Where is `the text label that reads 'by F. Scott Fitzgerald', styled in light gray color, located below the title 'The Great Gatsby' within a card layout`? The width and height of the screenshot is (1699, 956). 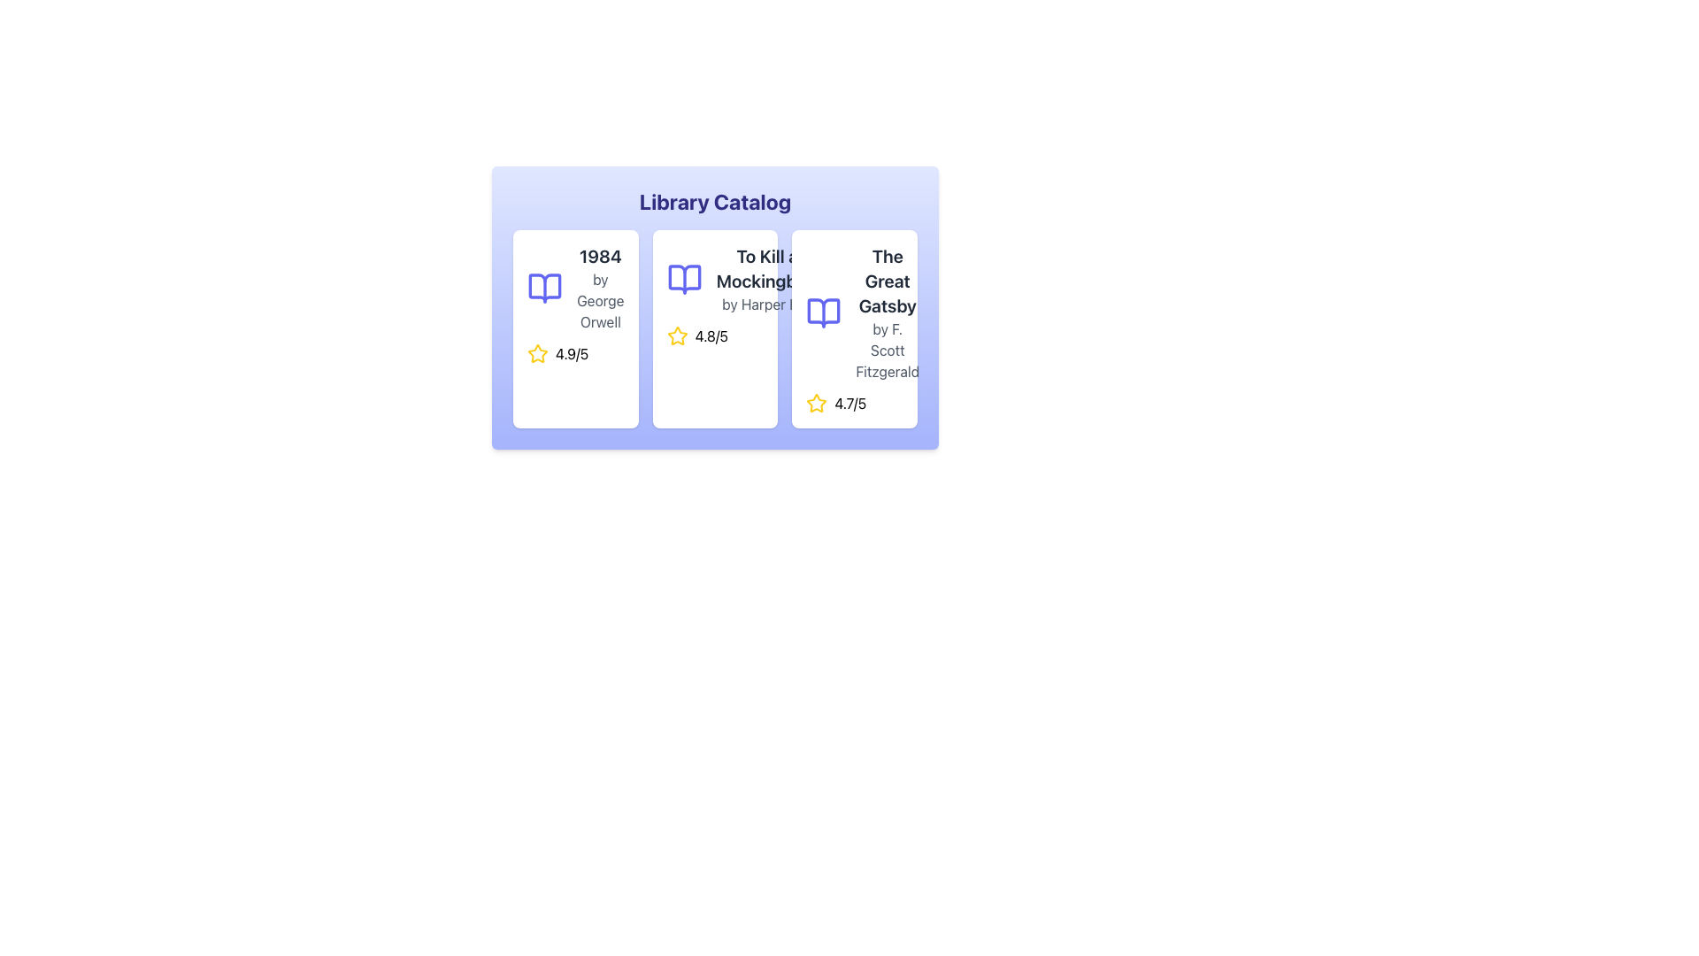
the text label that reads 'by F. Scott Fitzgerald', styled in light gray color, located below the title 'The Great Gatsby' within a card layout is located at coordinates (888, 351).